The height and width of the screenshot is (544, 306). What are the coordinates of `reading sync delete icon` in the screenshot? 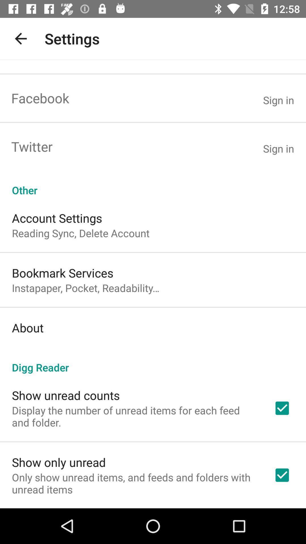 It's located at (81, 233).